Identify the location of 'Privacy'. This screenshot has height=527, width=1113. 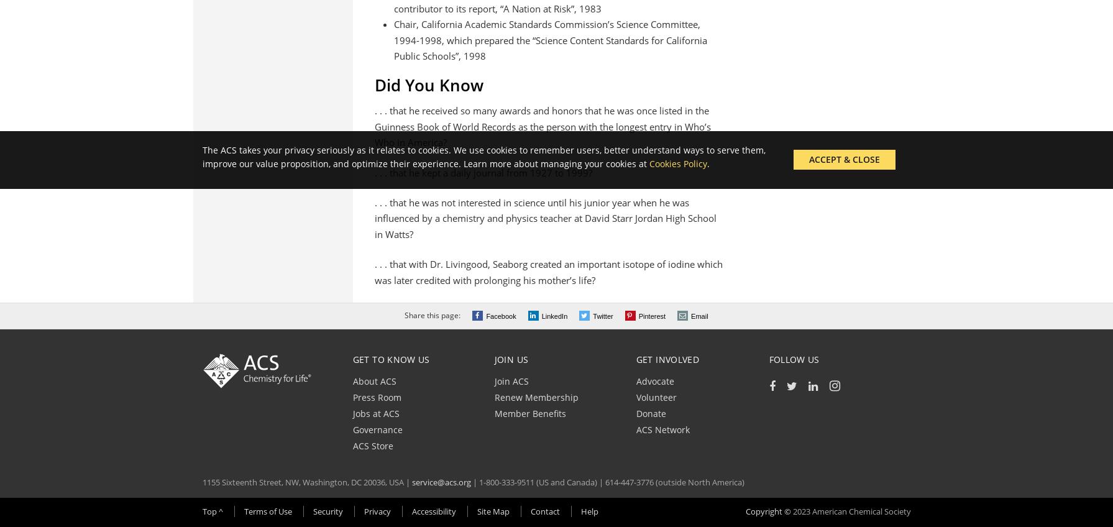
(363, 511).